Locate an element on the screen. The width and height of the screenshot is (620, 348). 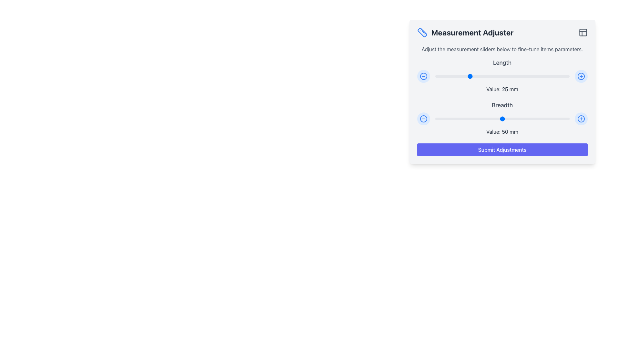
the length is located at coordinates (524, 76).